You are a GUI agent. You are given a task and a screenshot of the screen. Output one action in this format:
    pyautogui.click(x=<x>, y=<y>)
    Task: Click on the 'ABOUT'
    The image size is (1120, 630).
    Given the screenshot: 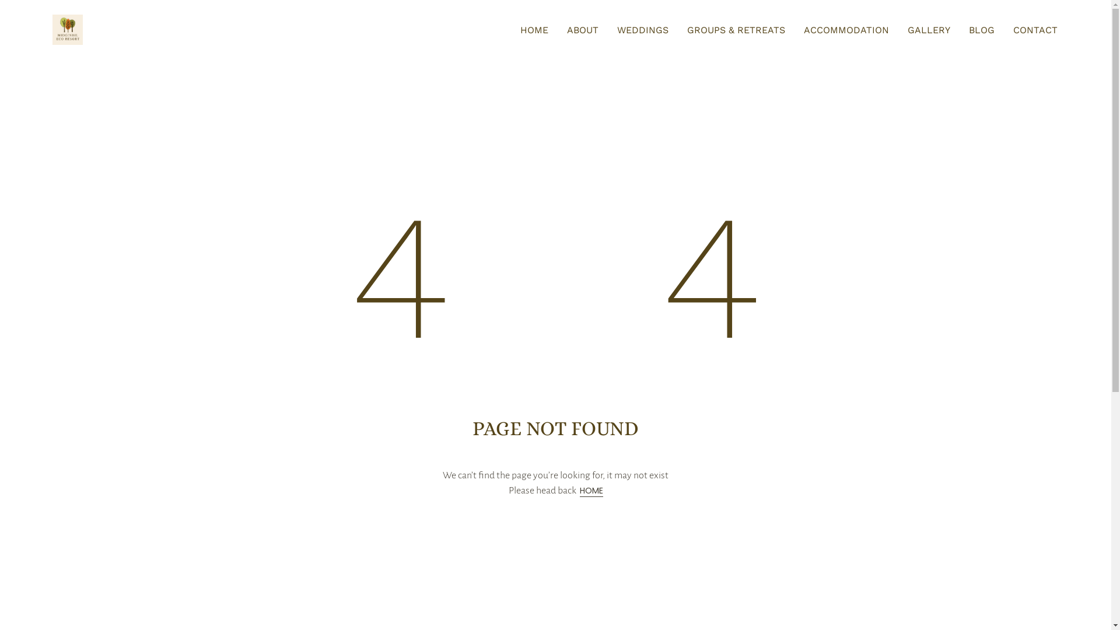 What is the action you would take?
    pyautogui.click(x=582, y=29)
    